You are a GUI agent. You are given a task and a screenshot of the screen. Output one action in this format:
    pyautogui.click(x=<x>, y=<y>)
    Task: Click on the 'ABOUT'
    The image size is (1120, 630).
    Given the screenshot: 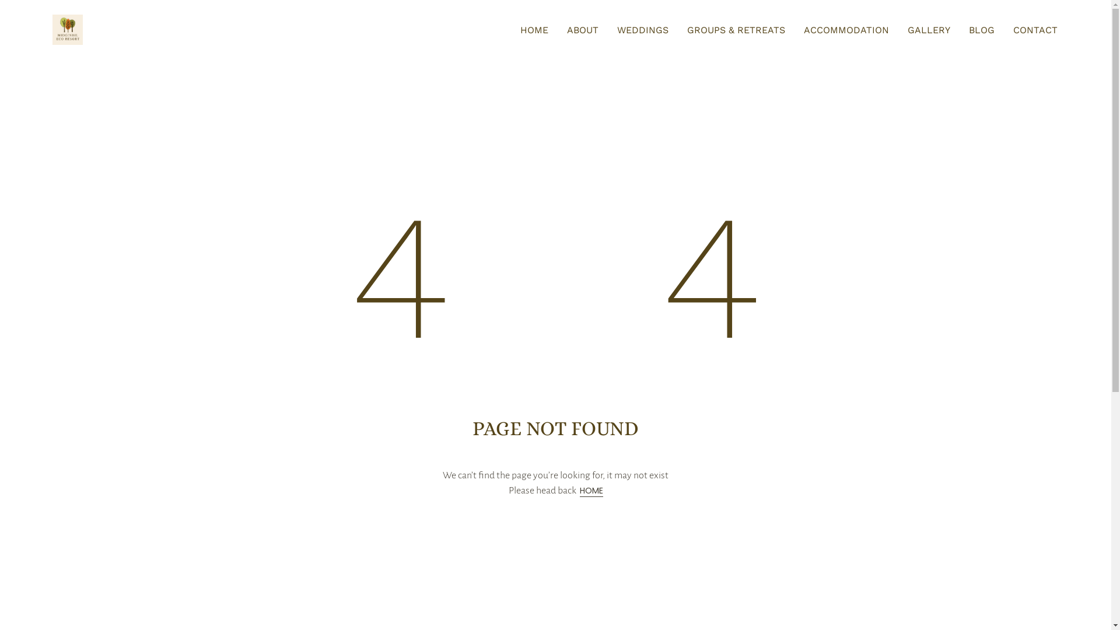 What is the action you would take?
    pyautogui.click(x=582, y=29)
    